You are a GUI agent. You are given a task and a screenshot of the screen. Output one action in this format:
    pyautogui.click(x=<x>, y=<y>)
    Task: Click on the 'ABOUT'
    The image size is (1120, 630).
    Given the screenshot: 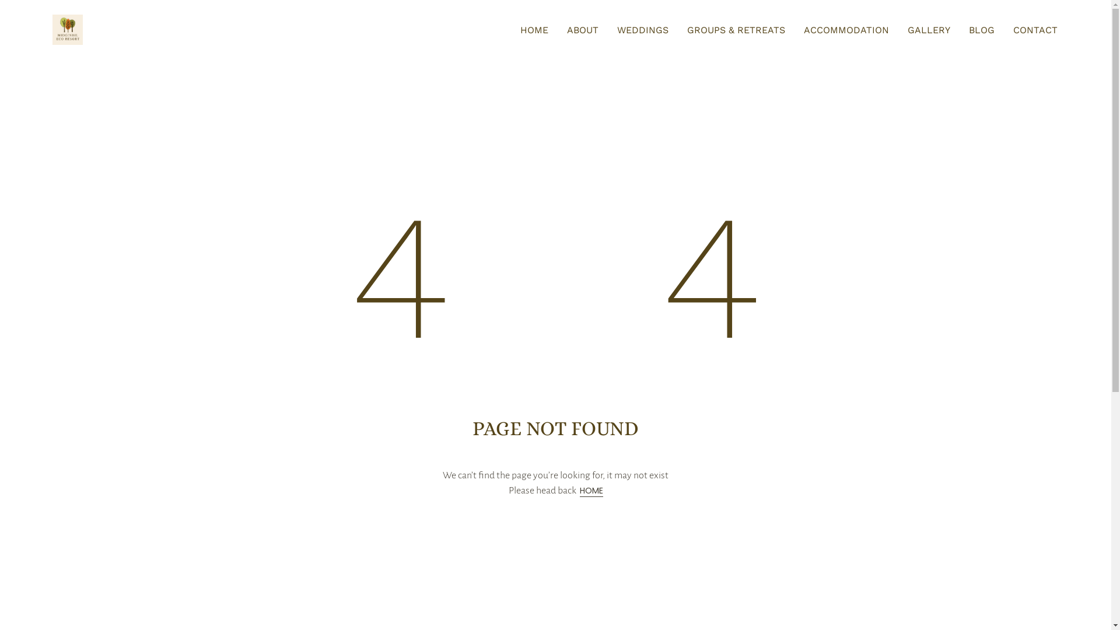 What is the action you would take?
    pyautogui.click(x=582, y=29)
    